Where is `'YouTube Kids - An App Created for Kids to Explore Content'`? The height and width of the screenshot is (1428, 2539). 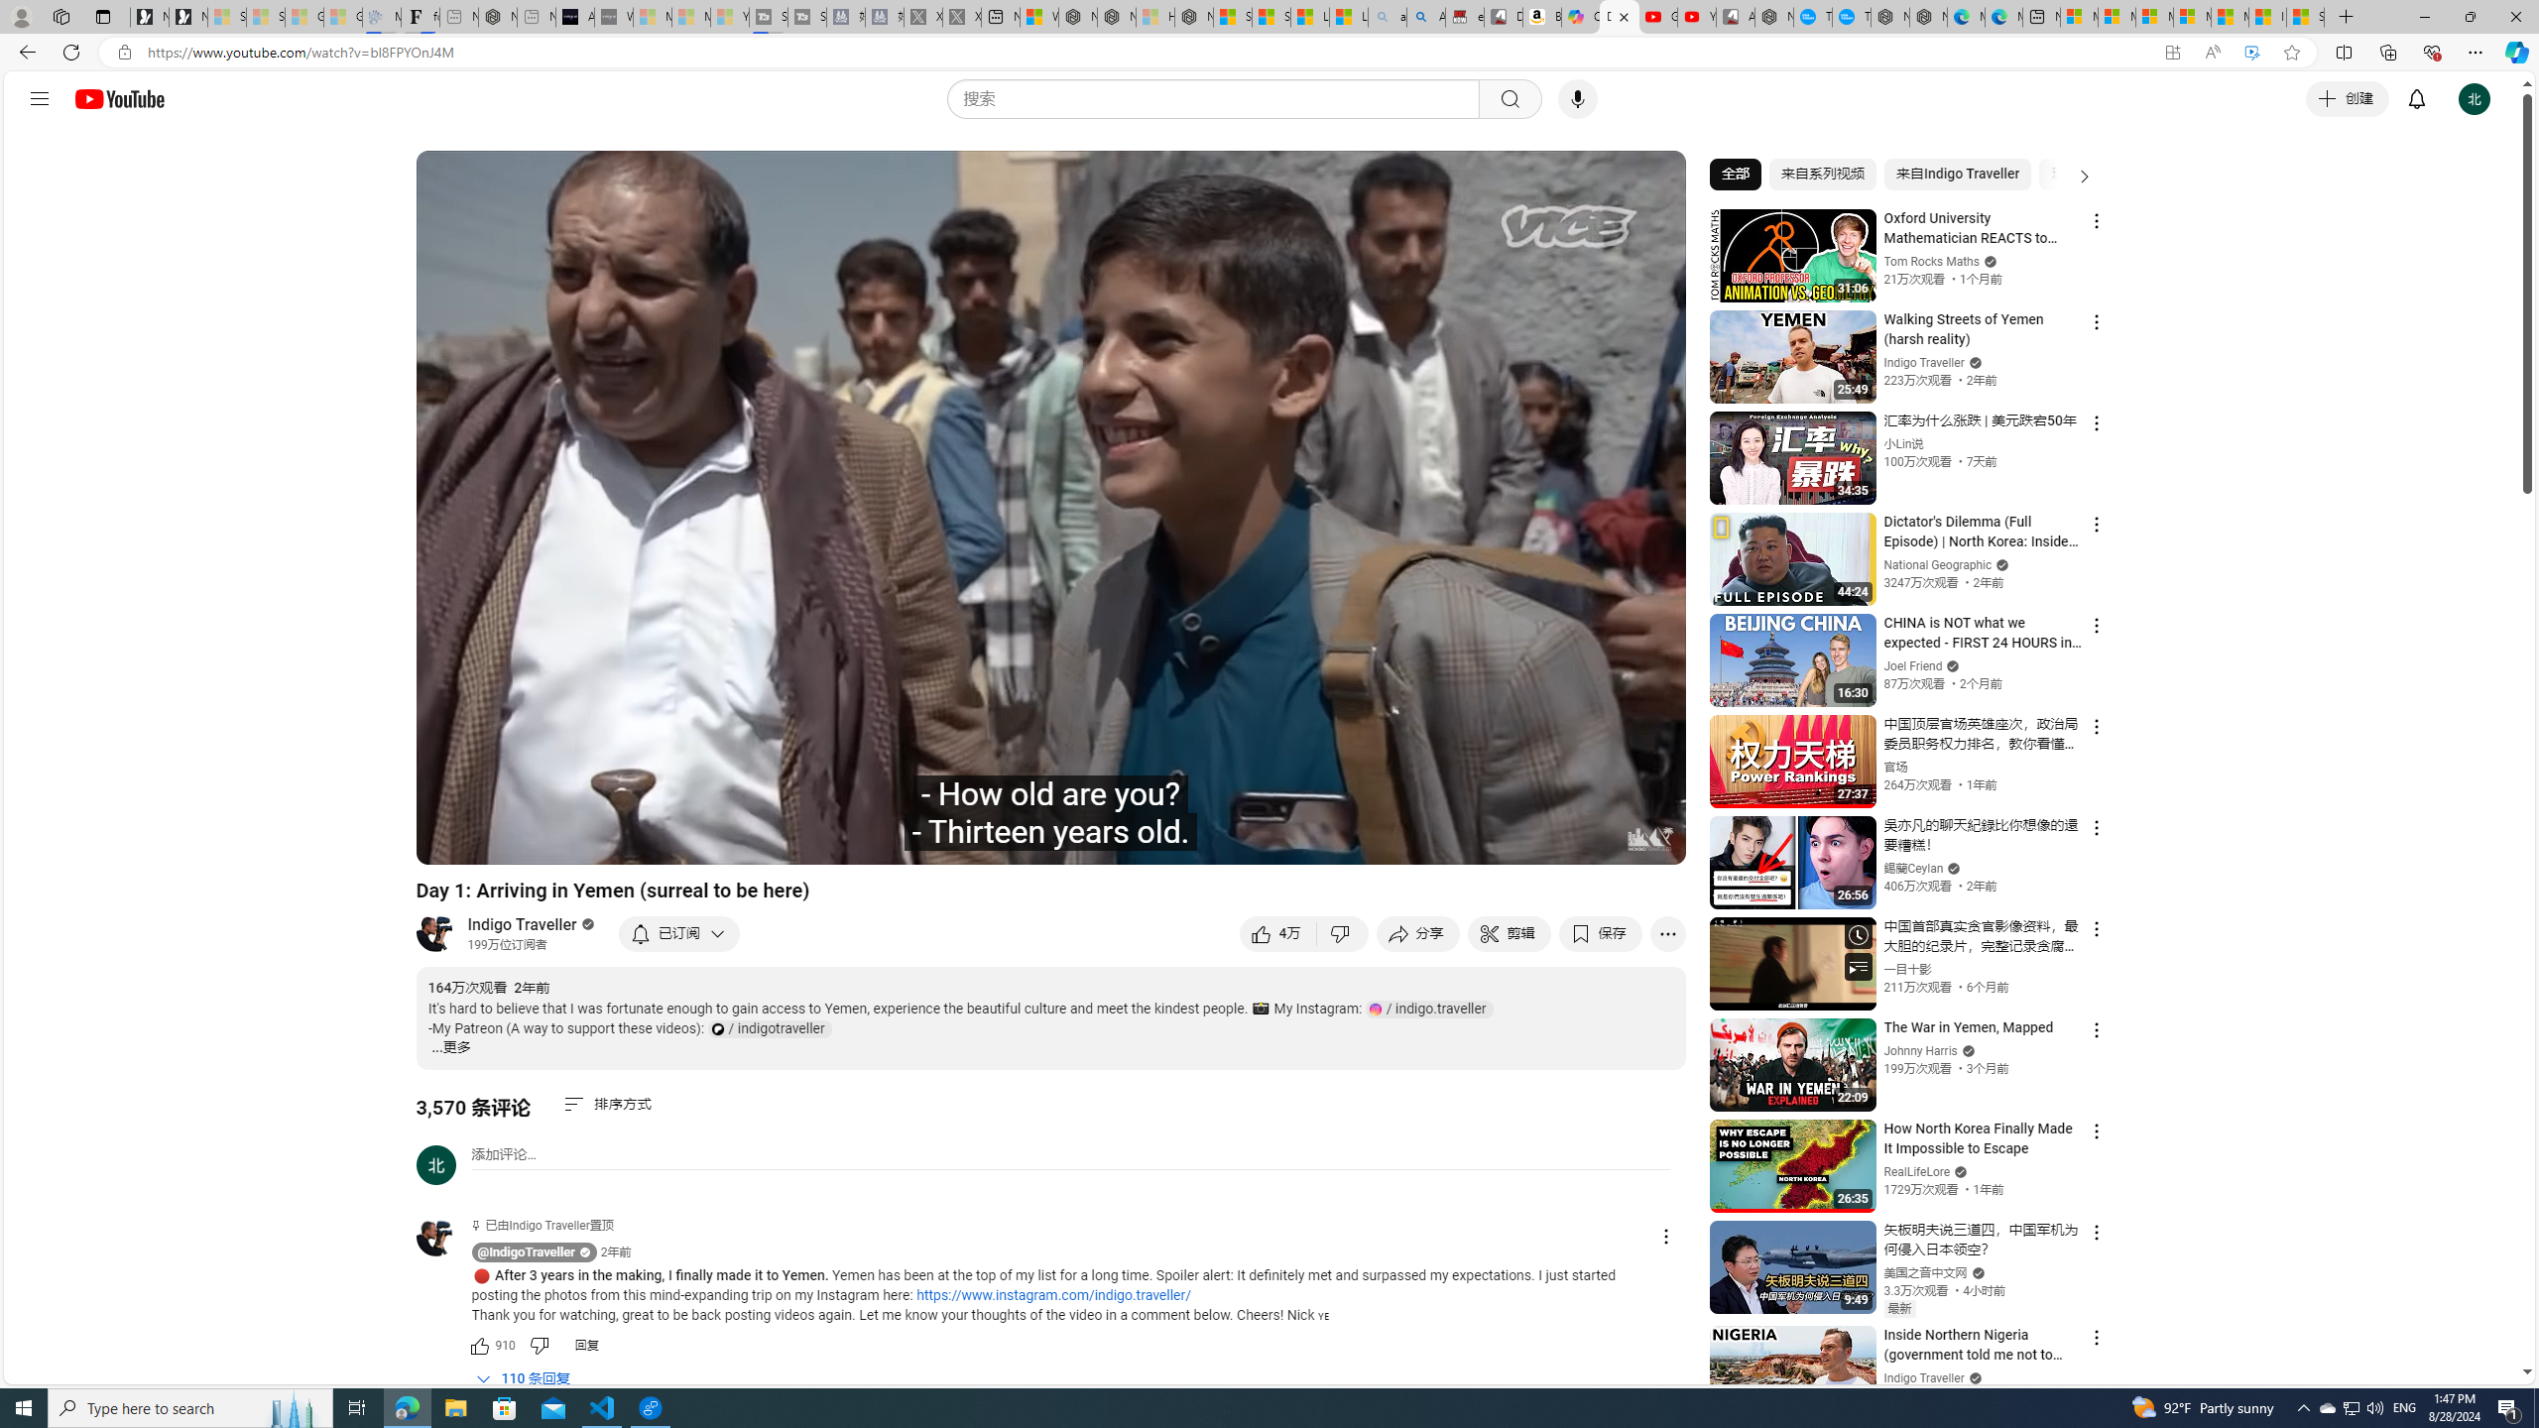 'YouTube Kids - An App Created for Kids to Explore Content' is located at coordinates (1695, 16).